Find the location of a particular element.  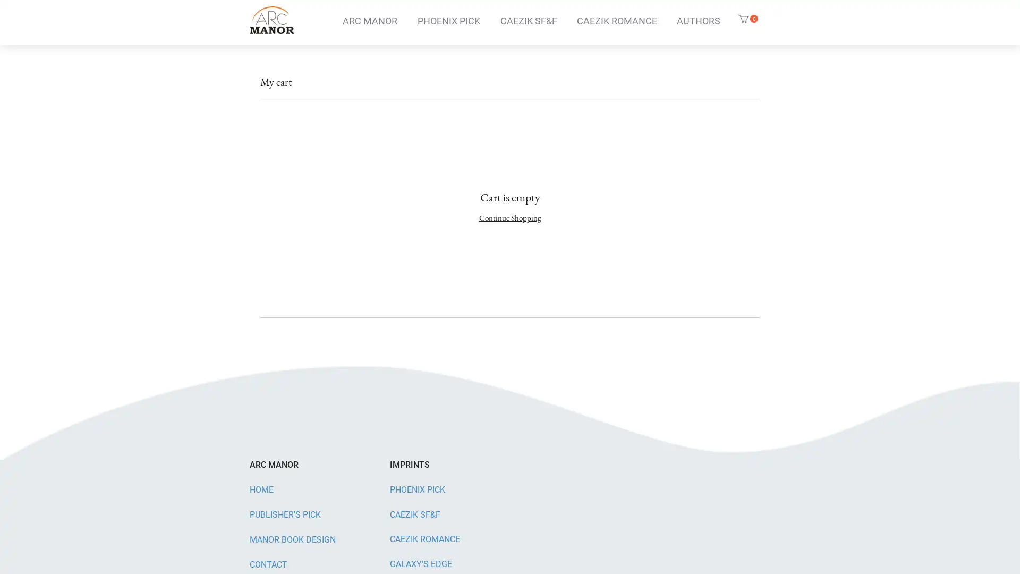

Cart with 0 items is located at coordinates (747, 19).